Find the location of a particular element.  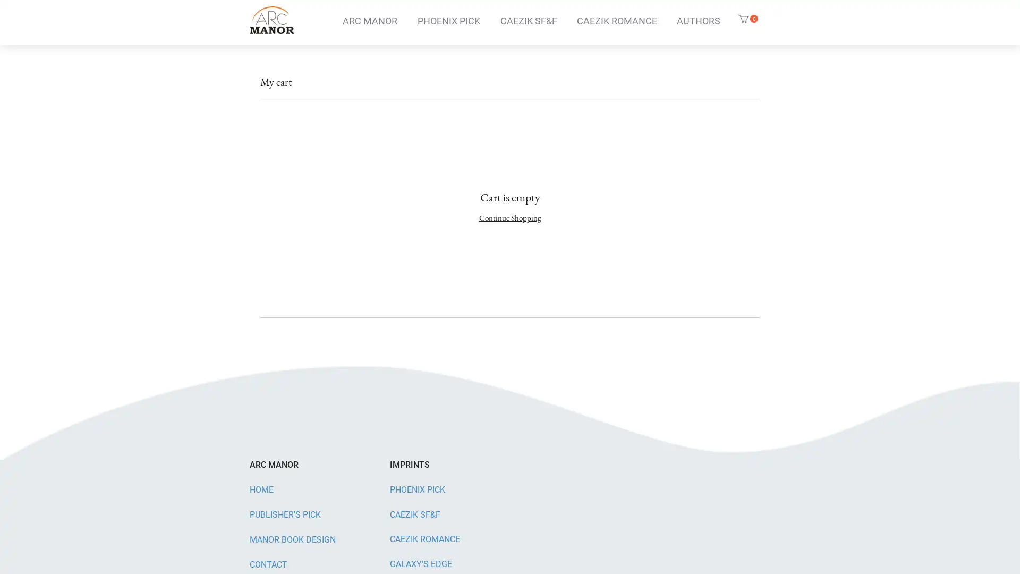

Cart with 0 items is located at coordinates (747, 19).